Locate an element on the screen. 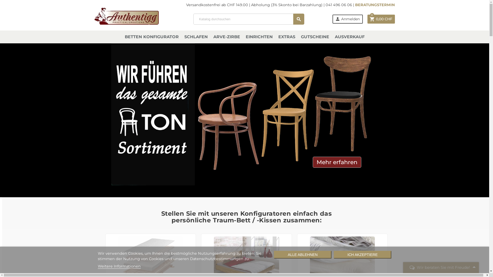 Image resolution: width=493 pixels, height=277 pixels. 'AUSVERKAUF' is located at coordinates (349, 36).